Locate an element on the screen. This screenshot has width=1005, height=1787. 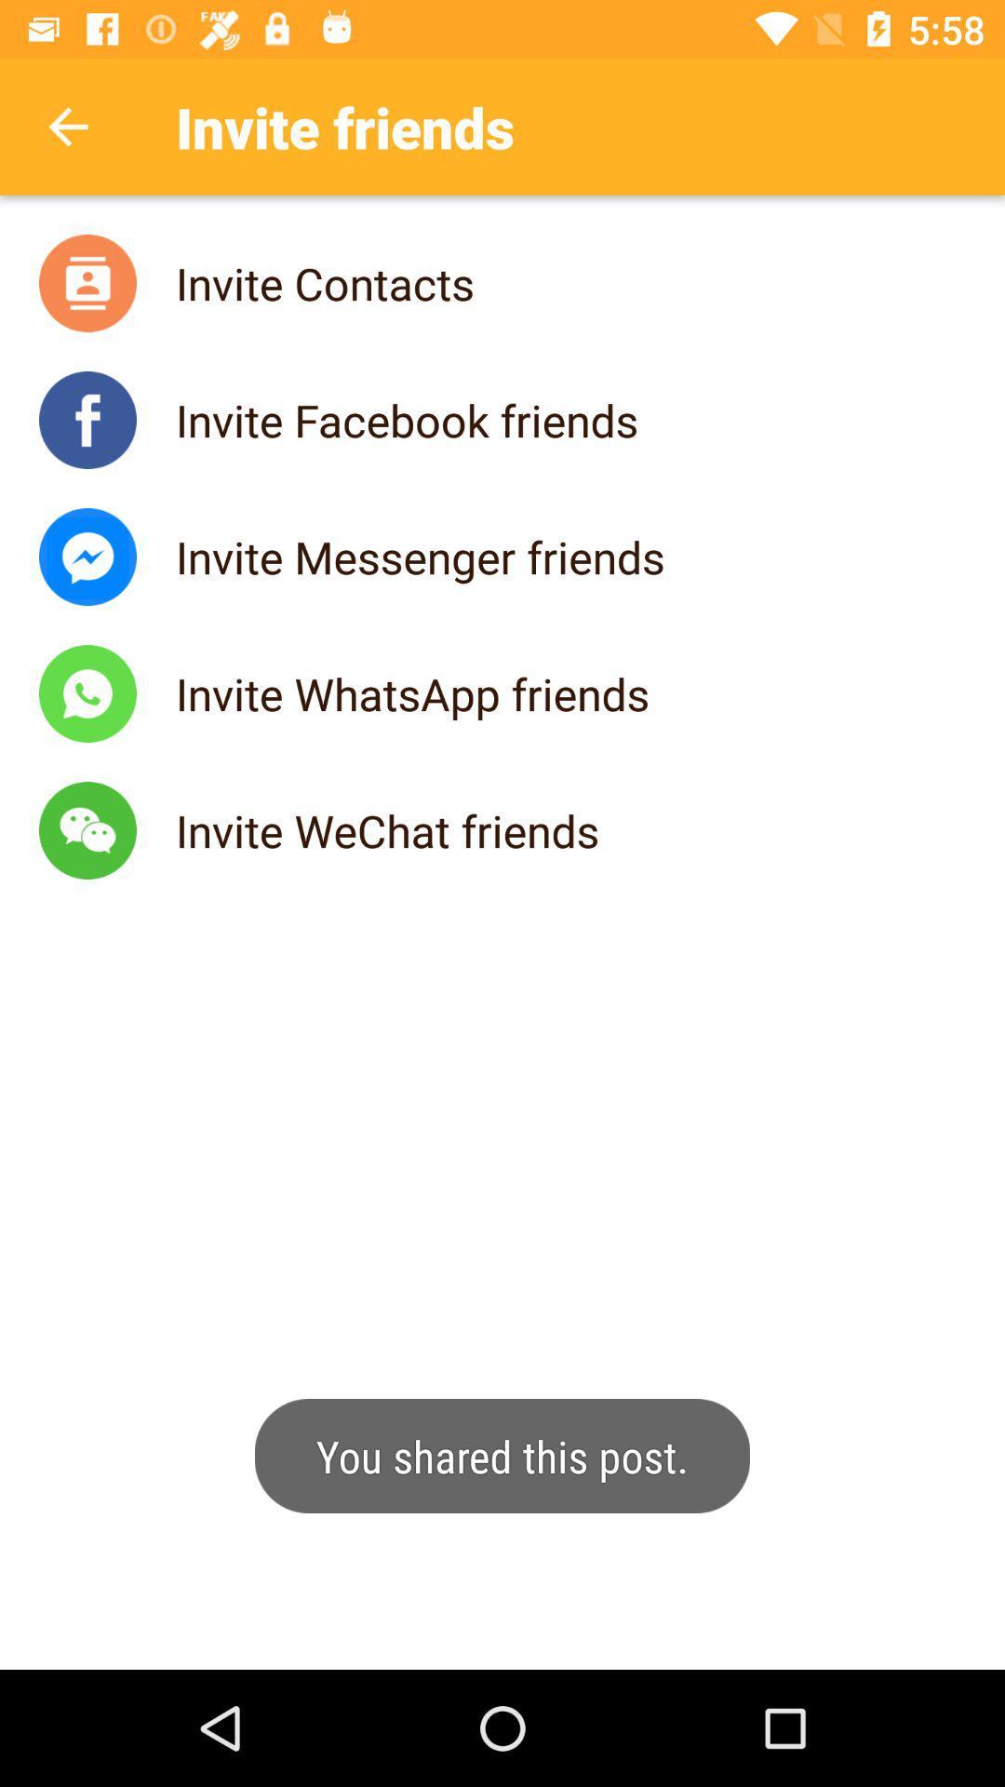
backword the option is located at coordinates (67, 126).